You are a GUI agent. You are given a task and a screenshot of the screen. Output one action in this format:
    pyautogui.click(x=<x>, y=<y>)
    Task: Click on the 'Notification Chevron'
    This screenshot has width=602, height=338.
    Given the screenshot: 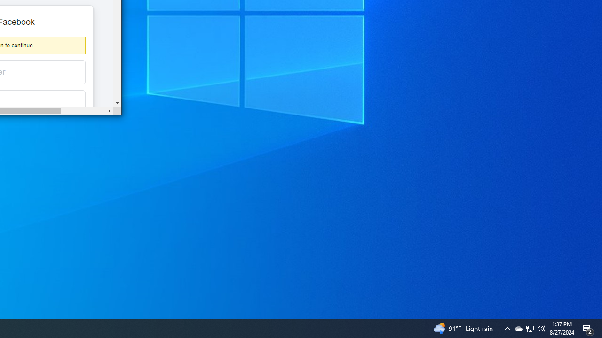 What is the action you would take?
    pyautogui.click(x=530, y=328)
    